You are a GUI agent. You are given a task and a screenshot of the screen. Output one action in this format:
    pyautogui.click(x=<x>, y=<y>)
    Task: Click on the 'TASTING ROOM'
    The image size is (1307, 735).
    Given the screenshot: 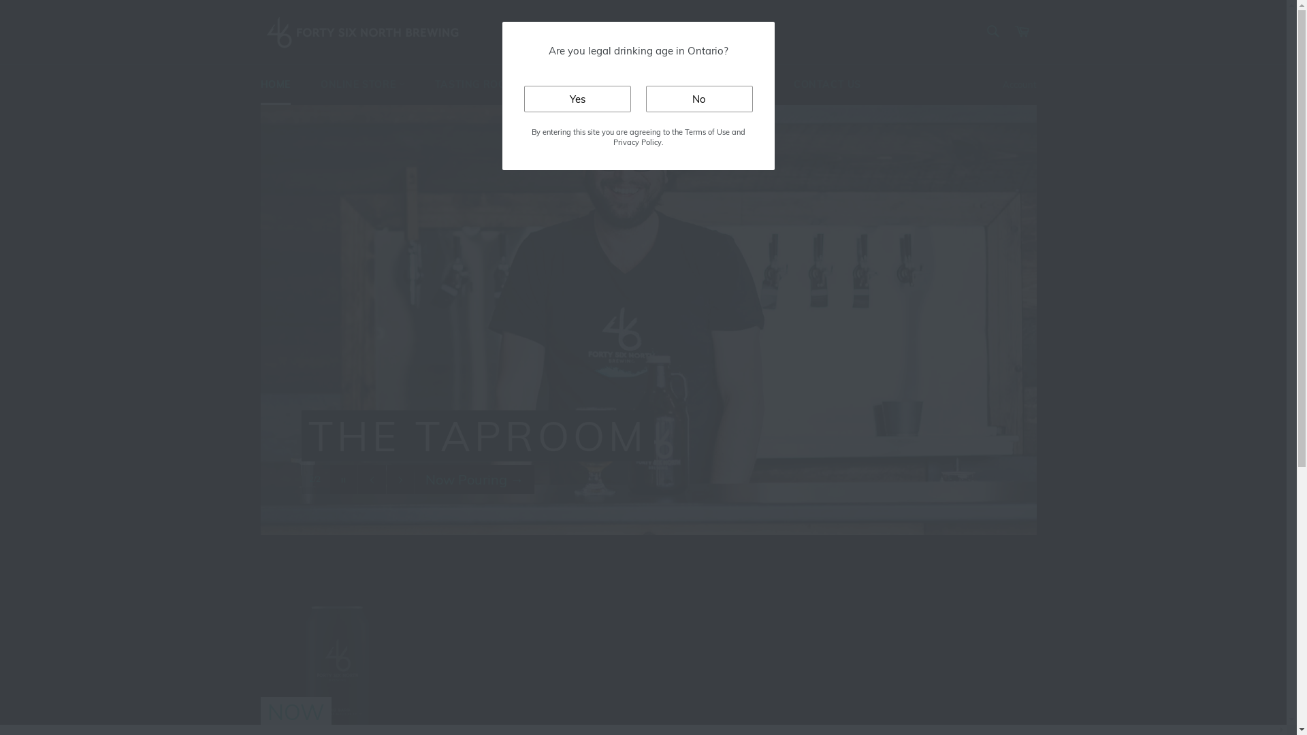 What is the action you would take?
    pyautogui.click(x=479, y=84)
    